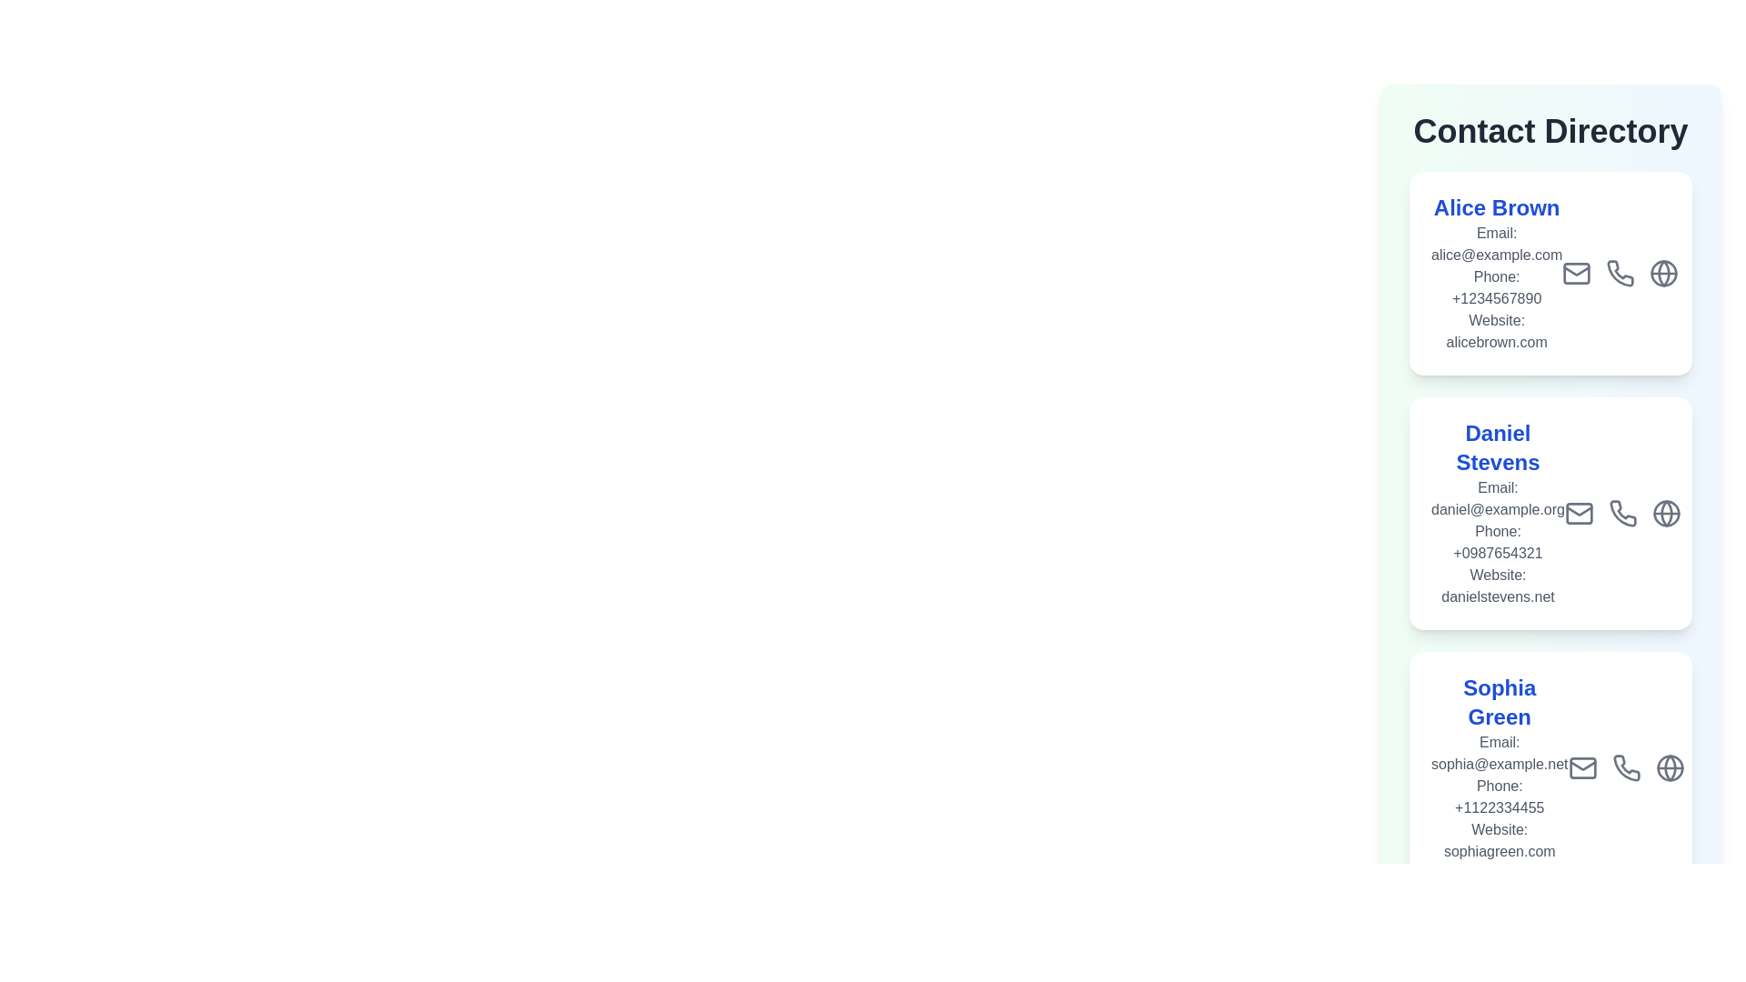 The height and width of the screenshot is (982, 1746). I want to click on the email icon for the contact Sophia Green, so click(1581, 767).